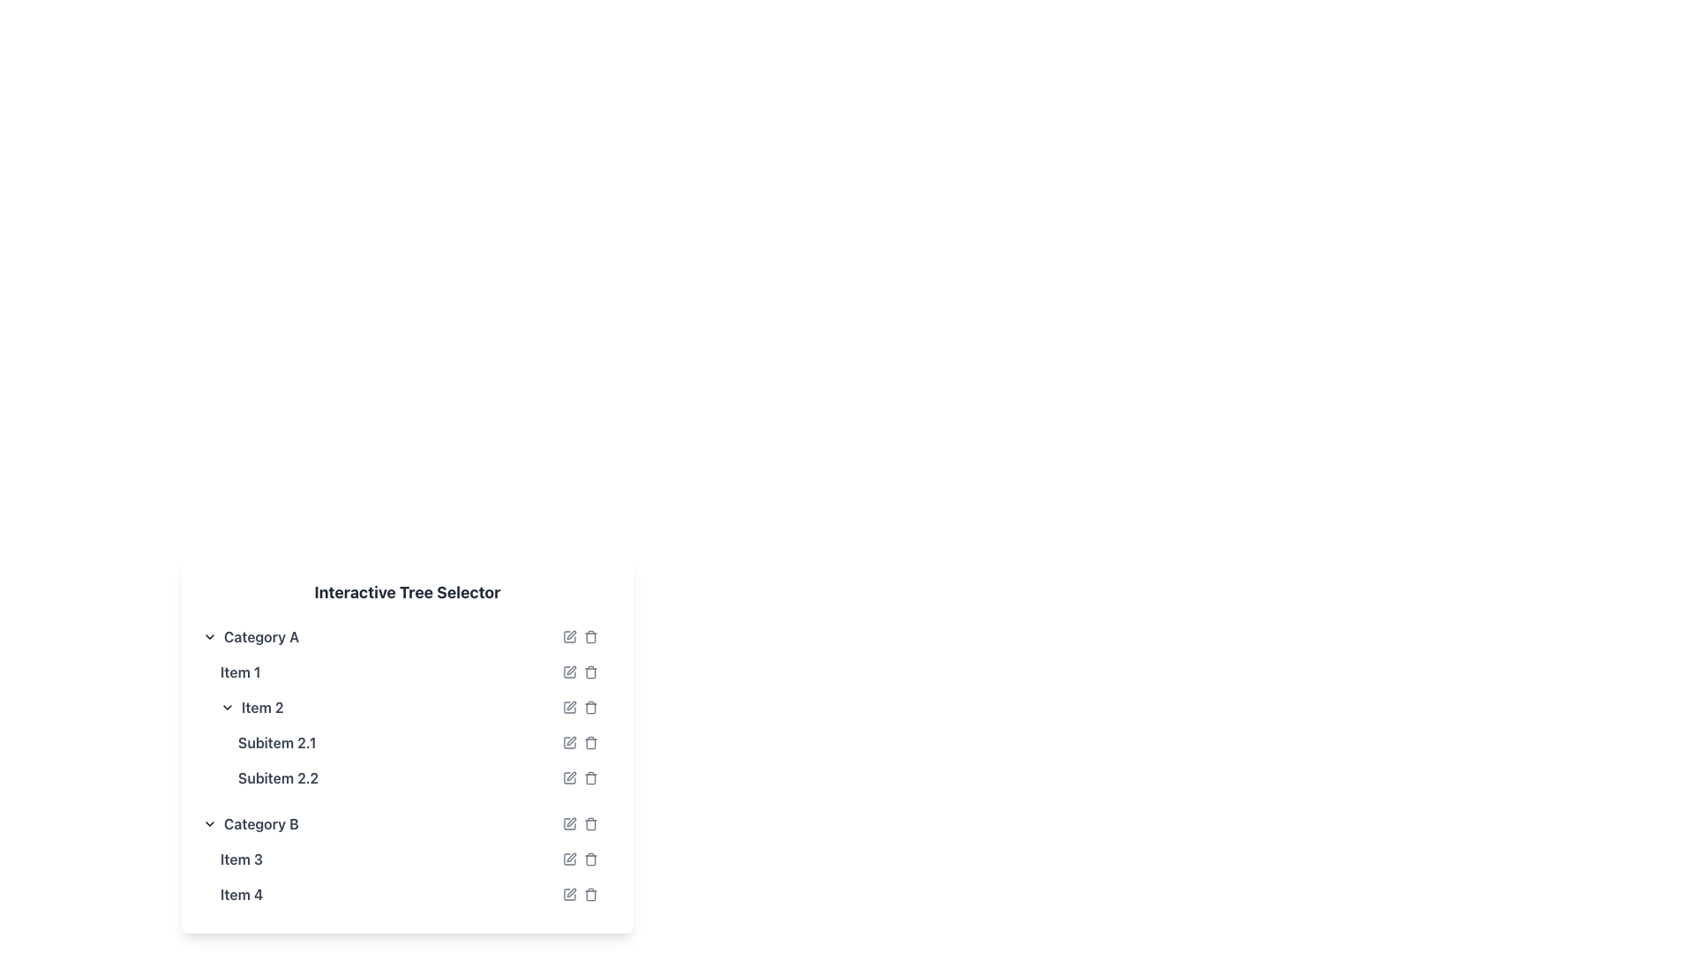 The height and width of the screenshot is (953, 1694). What do you see at coordinates (591, 895) in the screenshot?
I see `the trash icon located at the bottom right of the interactive tree list` at bounding box center [591, 895].